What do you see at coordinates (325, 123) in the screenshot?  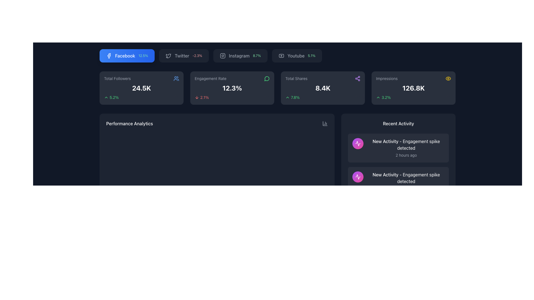 I see `the SVG-based icon located in the top-right section of the dark-themed dashboard interface under 'Performance Analytics'` at bounding box center [325, 123].